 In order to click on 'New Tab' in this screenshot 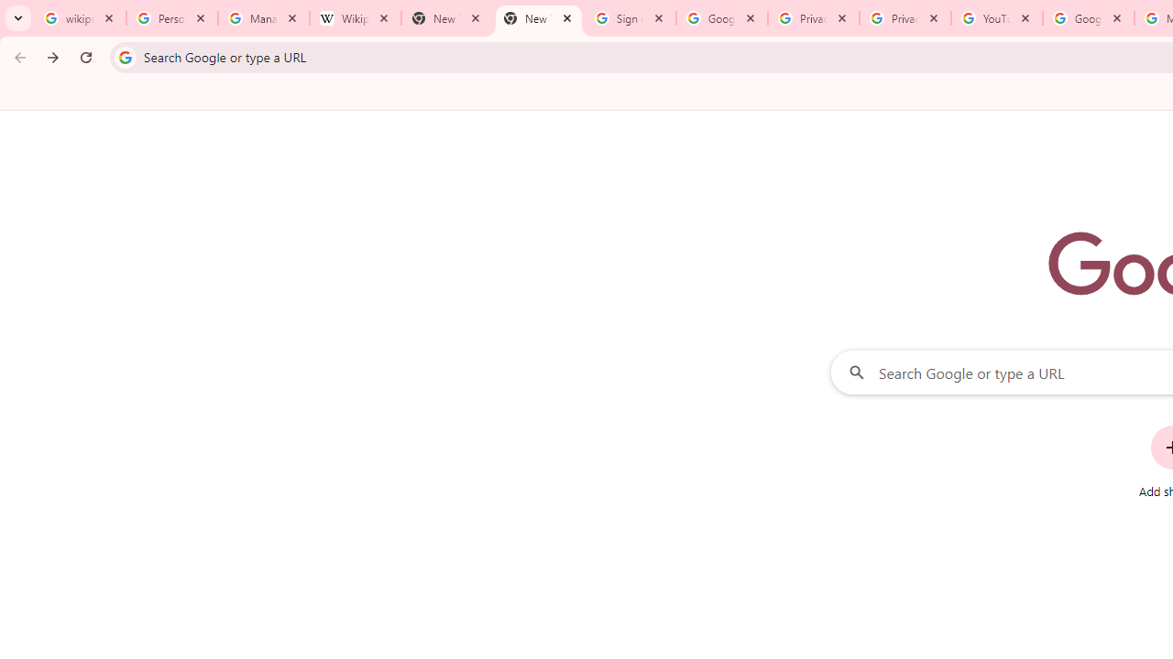, I will do `click(537, 18)`.